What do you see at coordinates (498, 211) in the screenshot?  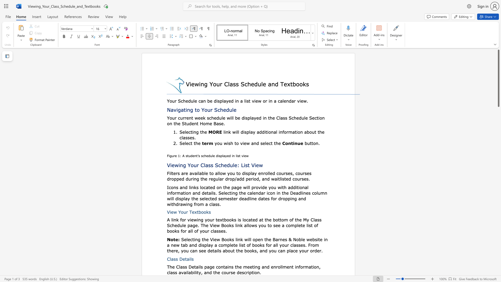 I see `the scrollbar on the right to shift the page lower` at bounding box center [498, 211].